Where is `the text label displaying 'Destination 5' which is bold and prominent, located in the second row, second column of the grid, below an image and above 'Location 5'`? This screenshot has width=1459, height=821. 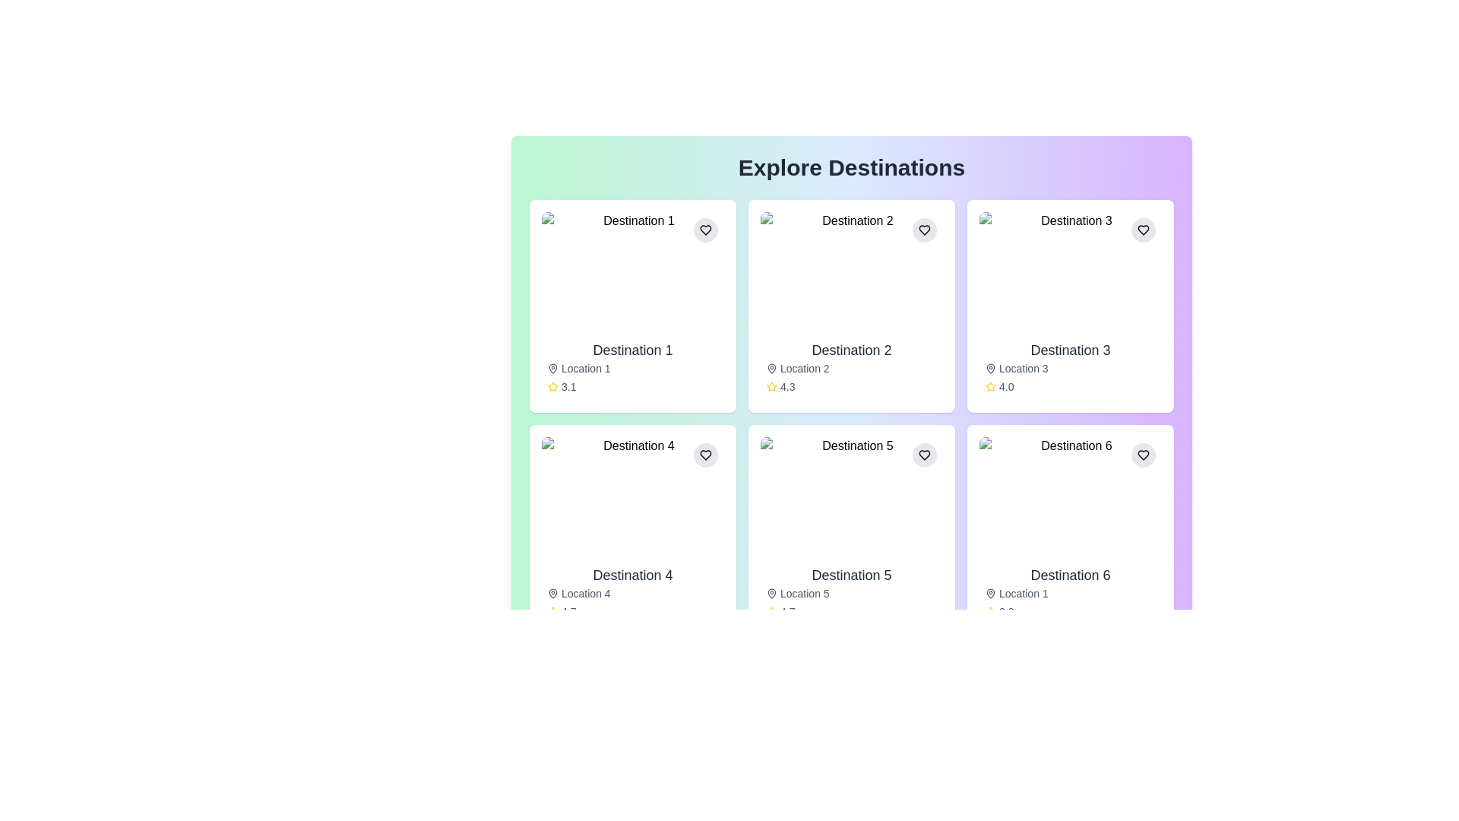
the text label displaying 'Destination 5' which is bold and prominent, located in the second row, second column of the grid, below an image and above 'Location 5' is located at coordinates (852, 575).